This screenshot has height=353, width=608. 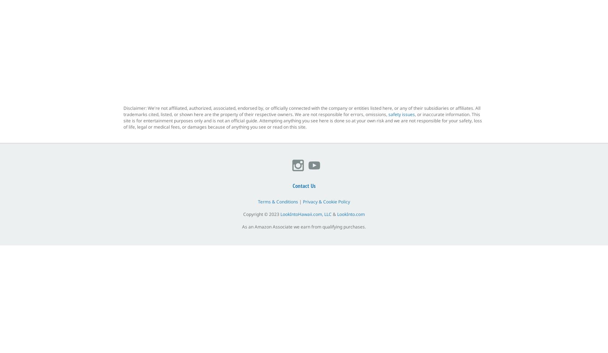 What do you see at coordinates (291, 185) in the screenshot?
I see `'Contact Us'` at bounding box center [291, 185].